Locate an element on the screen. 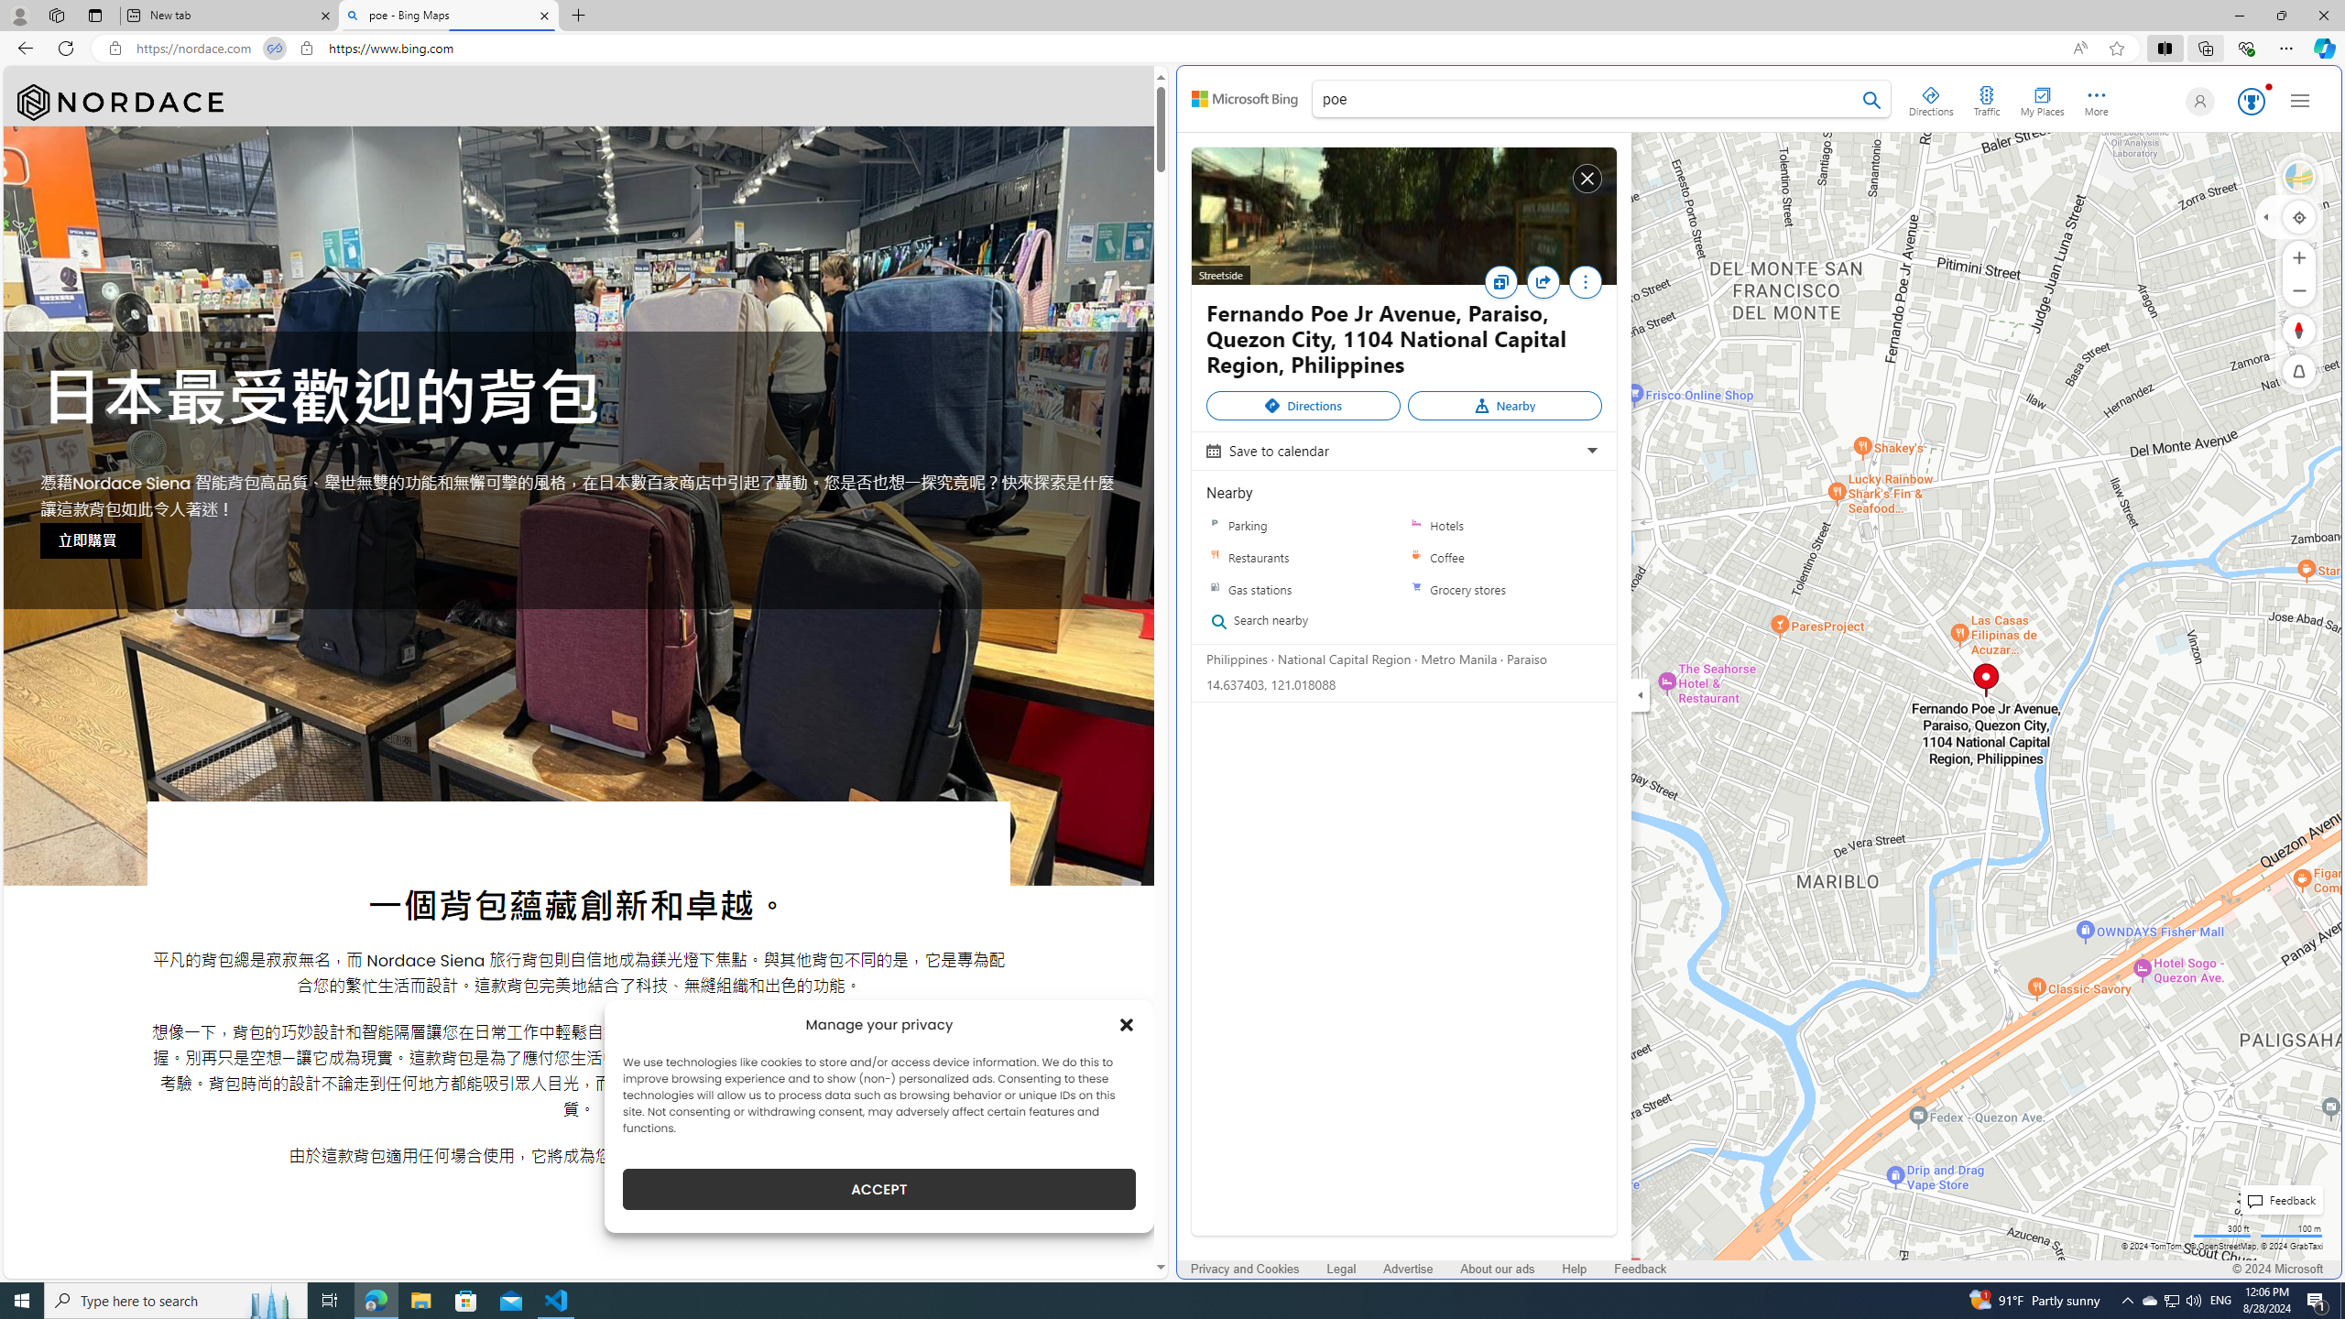  'Philippines' is located at coordinates (1236, 659).